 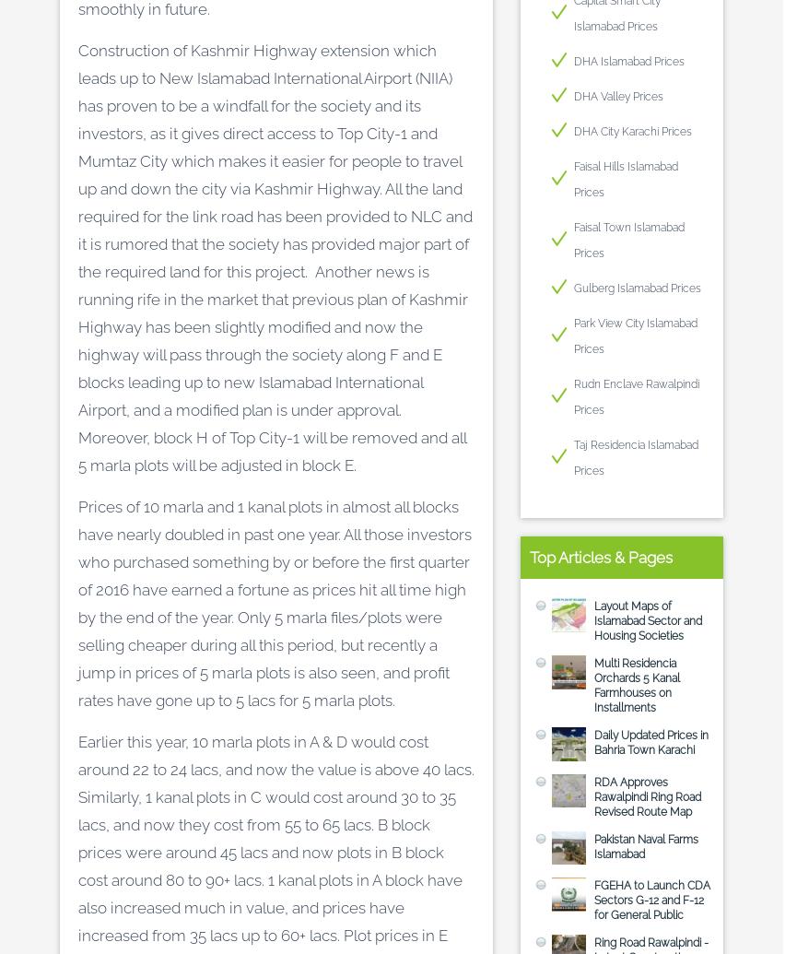 I want to click on 'Gulberg Islamabad Prices', so click(x=638, y=288).